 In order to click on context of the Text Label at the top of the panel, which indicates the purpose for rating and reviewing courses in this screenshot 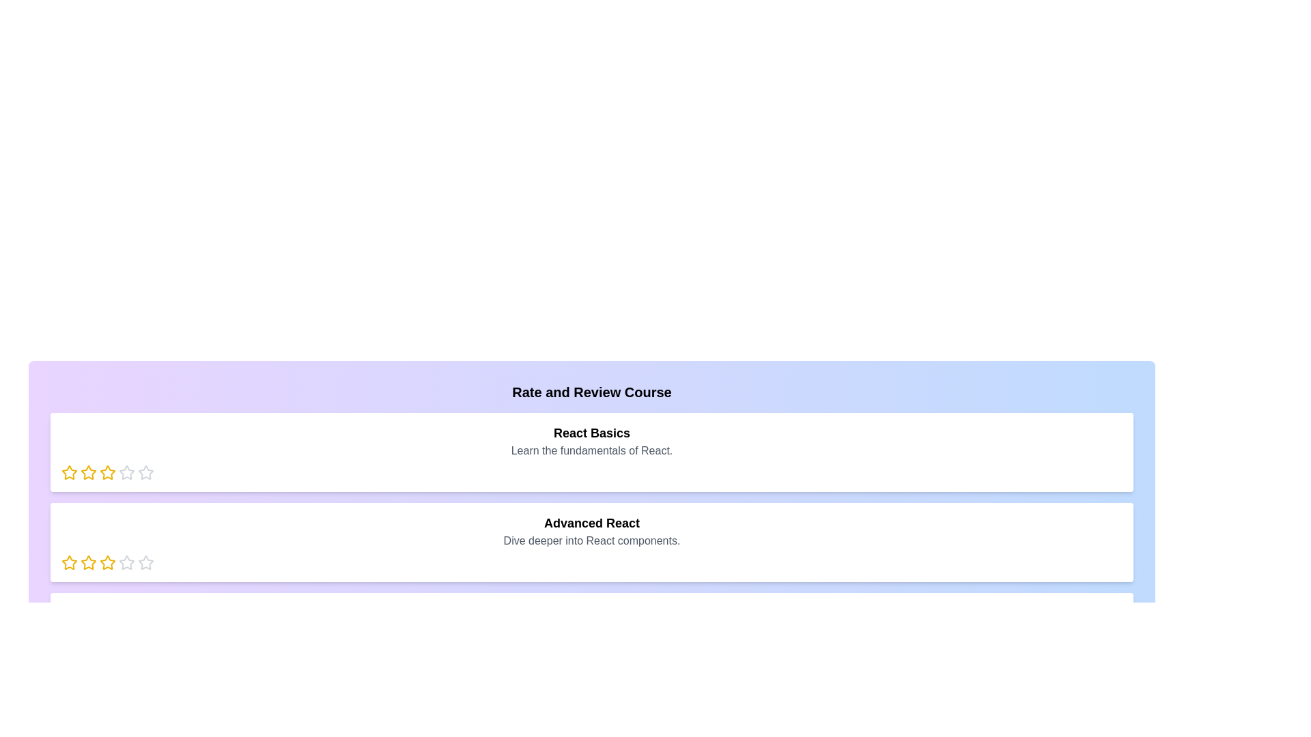, I will do `click(592, 392)`.